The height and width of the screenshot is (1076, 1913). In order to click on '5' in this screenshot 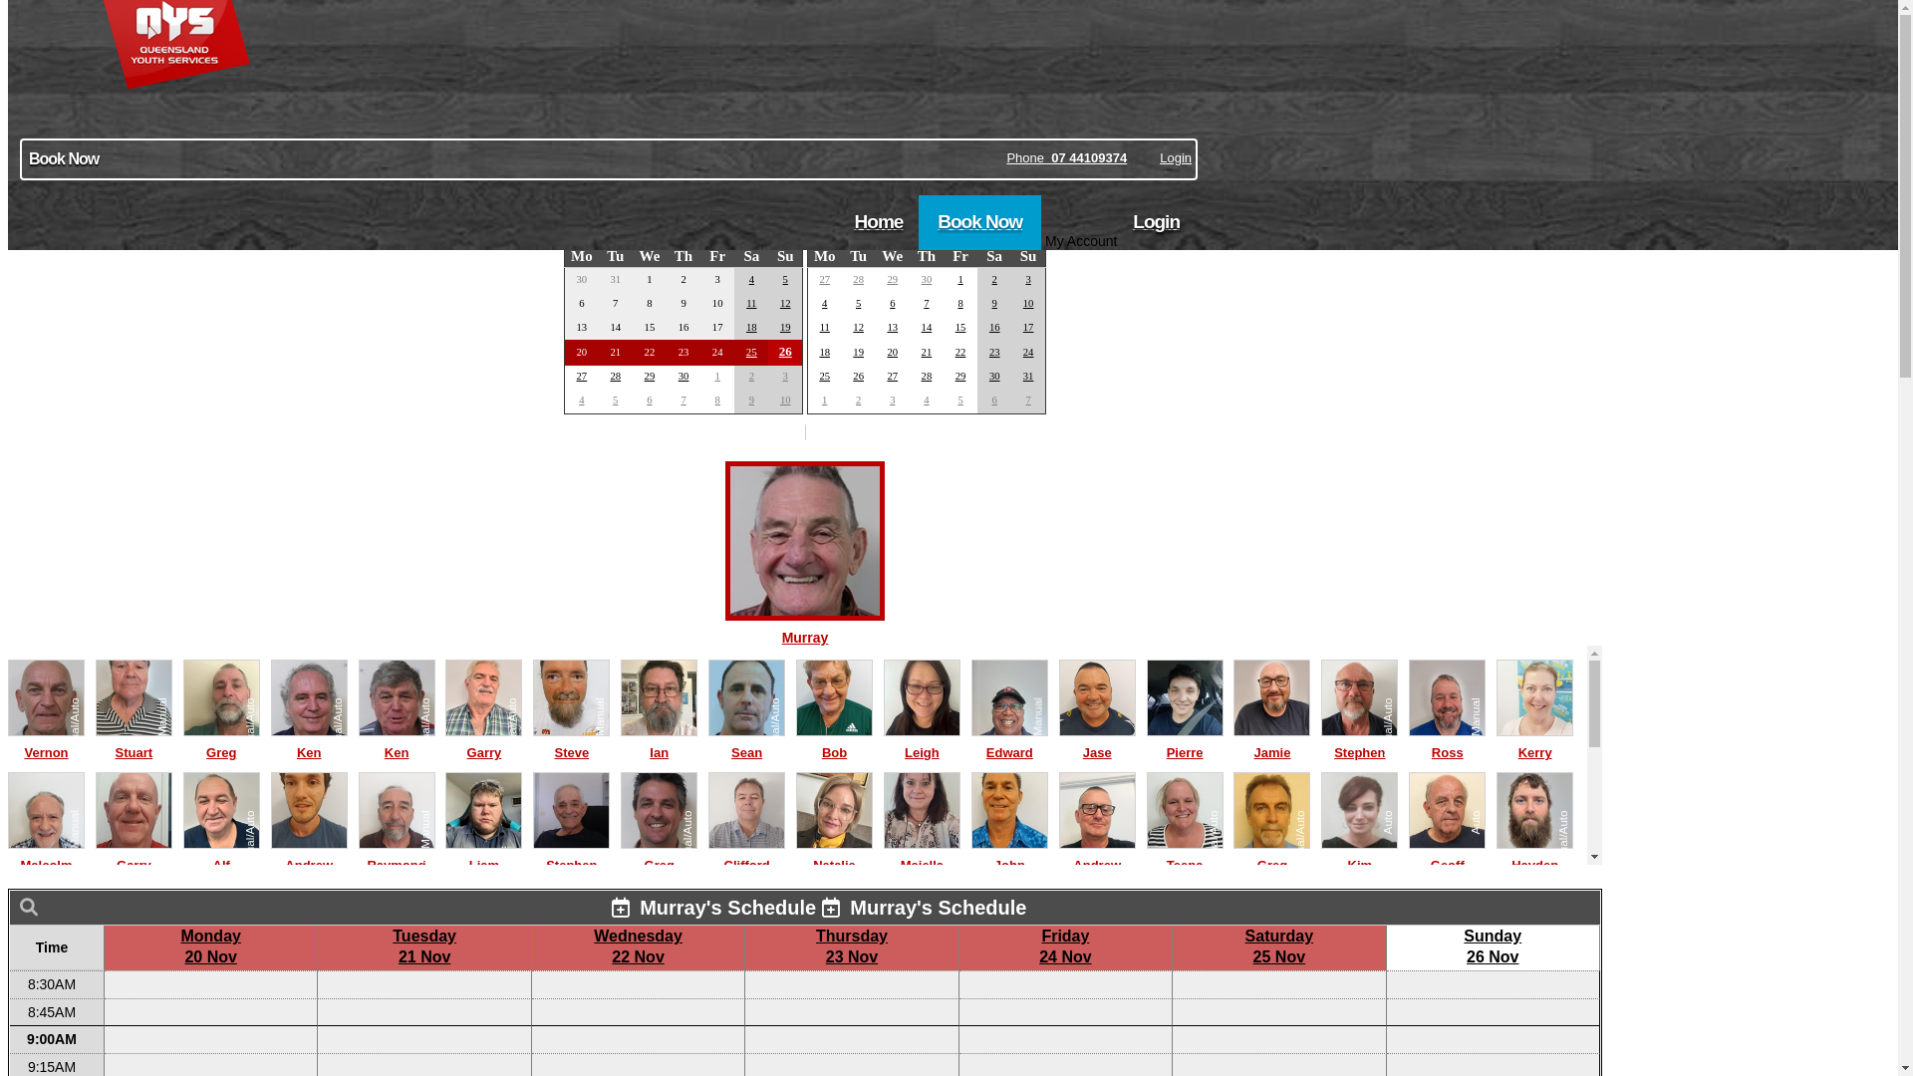, I will do `click(858, 303)`.